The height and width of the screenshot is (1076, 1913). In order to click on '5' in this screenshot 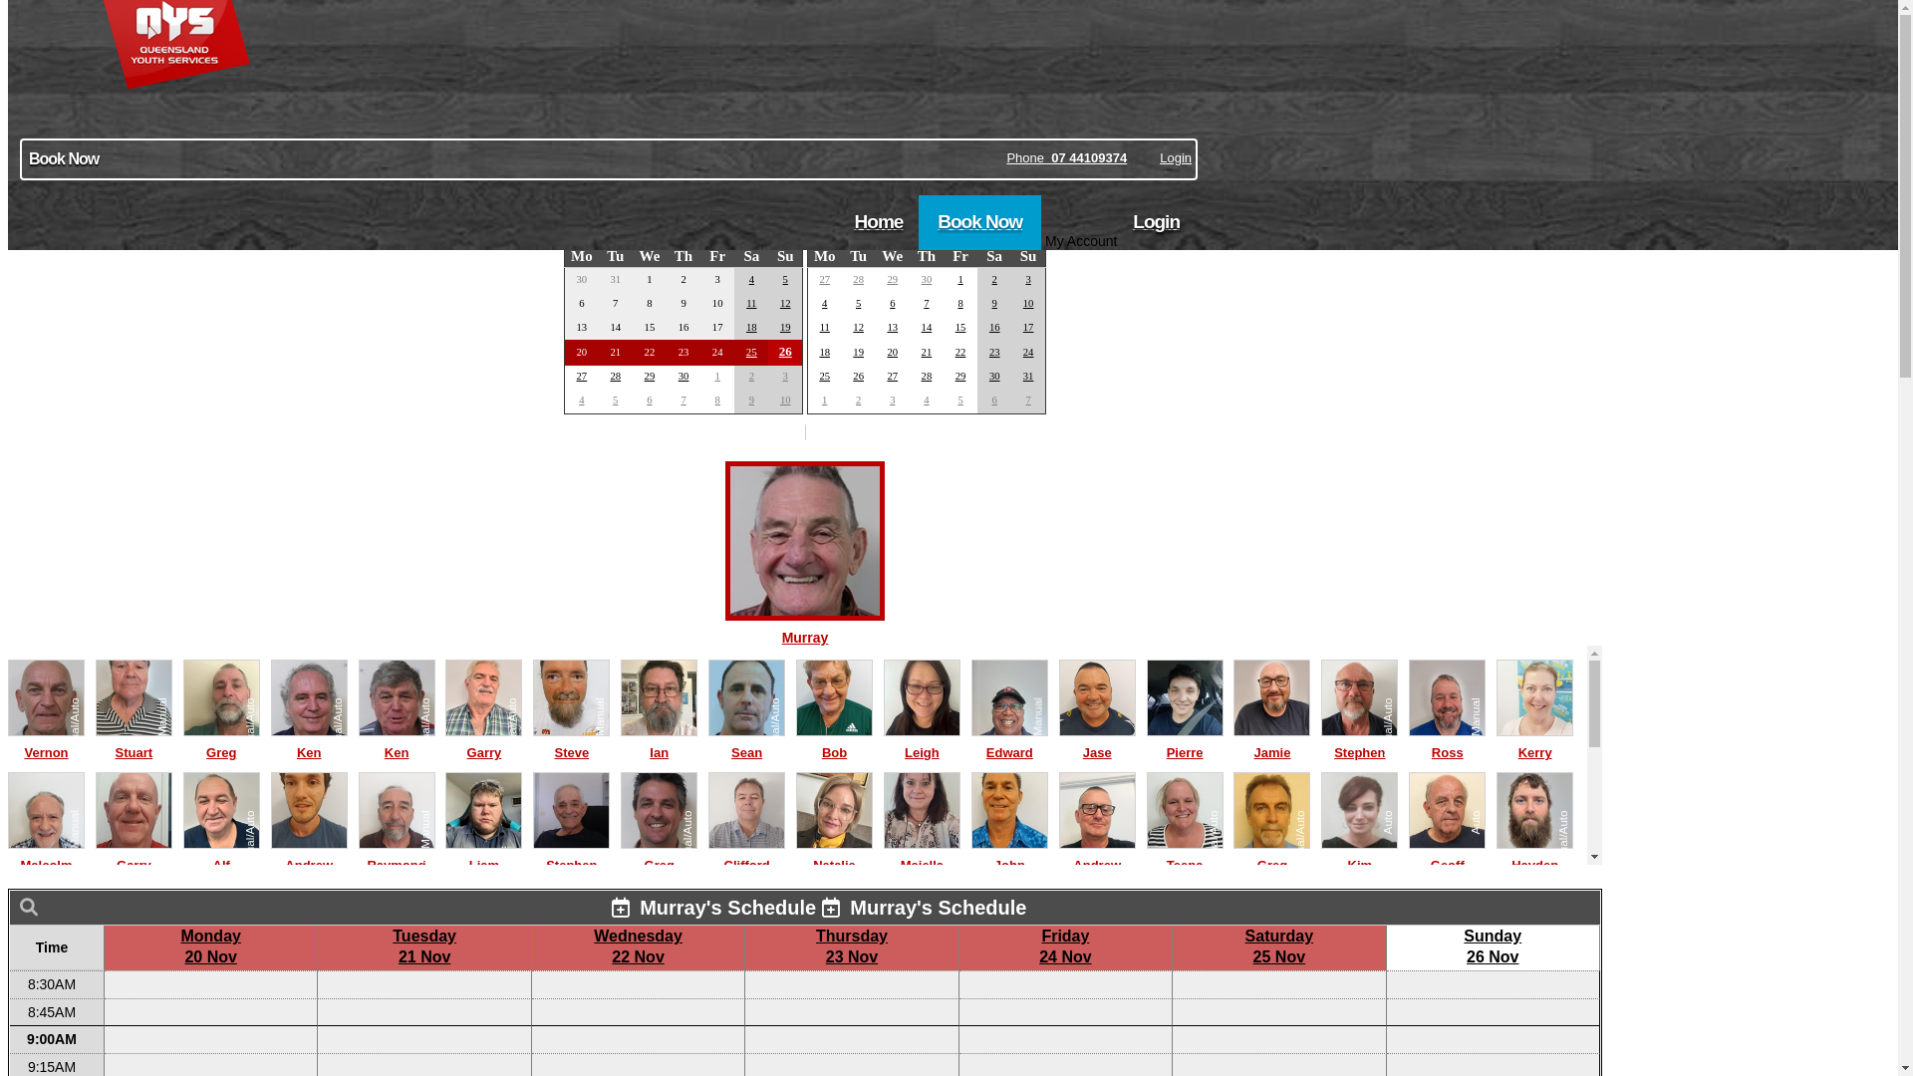, I will do `click(858, 303)`.